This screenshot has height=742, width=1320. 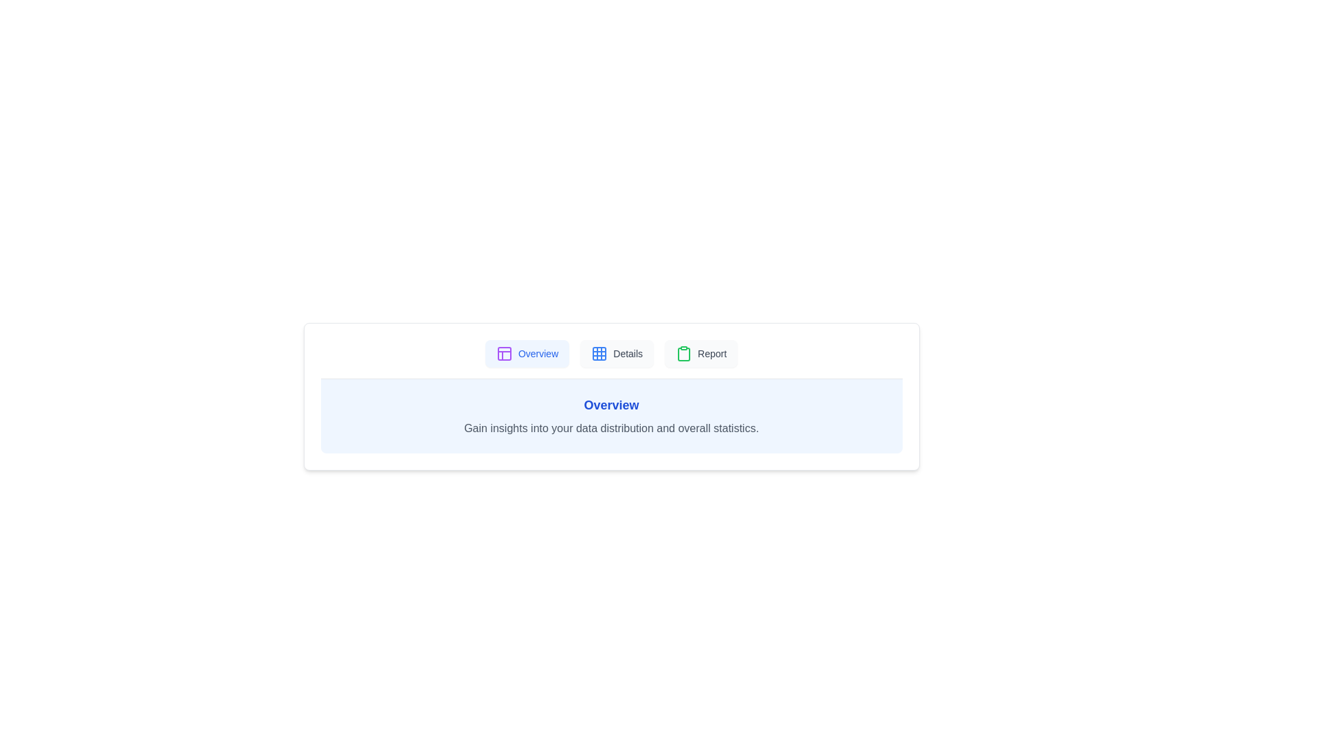 What do you see at coordinates (527, 353) in the screenshot?
I see `the tab labeled Overview and read its content` at bounding box center [527, 353].